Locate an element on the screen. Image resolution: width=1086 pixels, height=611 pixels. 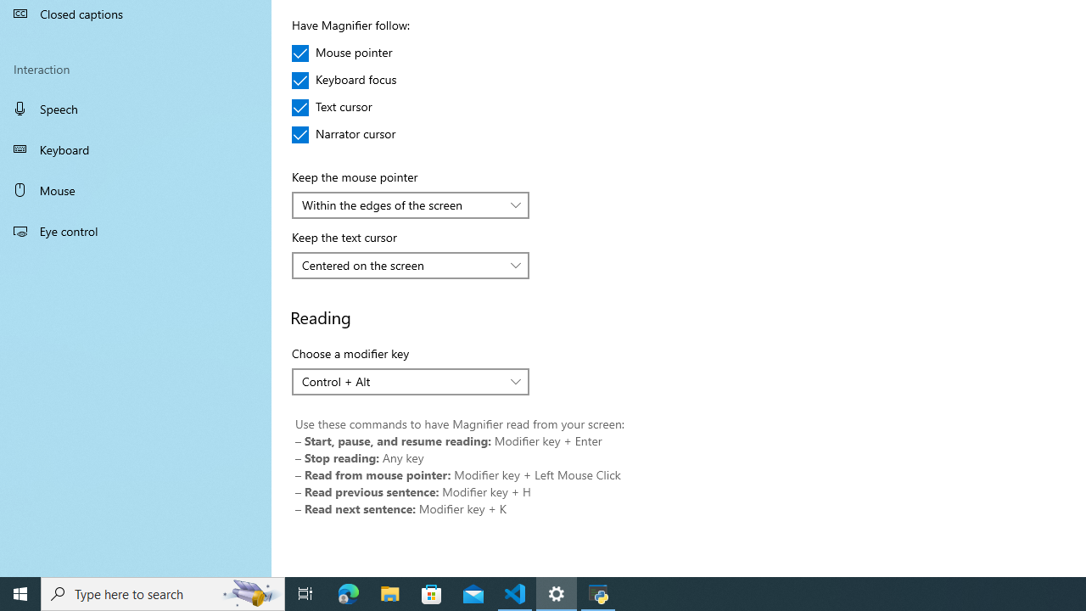
'Keep the text cursor' is located at coordinates (411, 265).